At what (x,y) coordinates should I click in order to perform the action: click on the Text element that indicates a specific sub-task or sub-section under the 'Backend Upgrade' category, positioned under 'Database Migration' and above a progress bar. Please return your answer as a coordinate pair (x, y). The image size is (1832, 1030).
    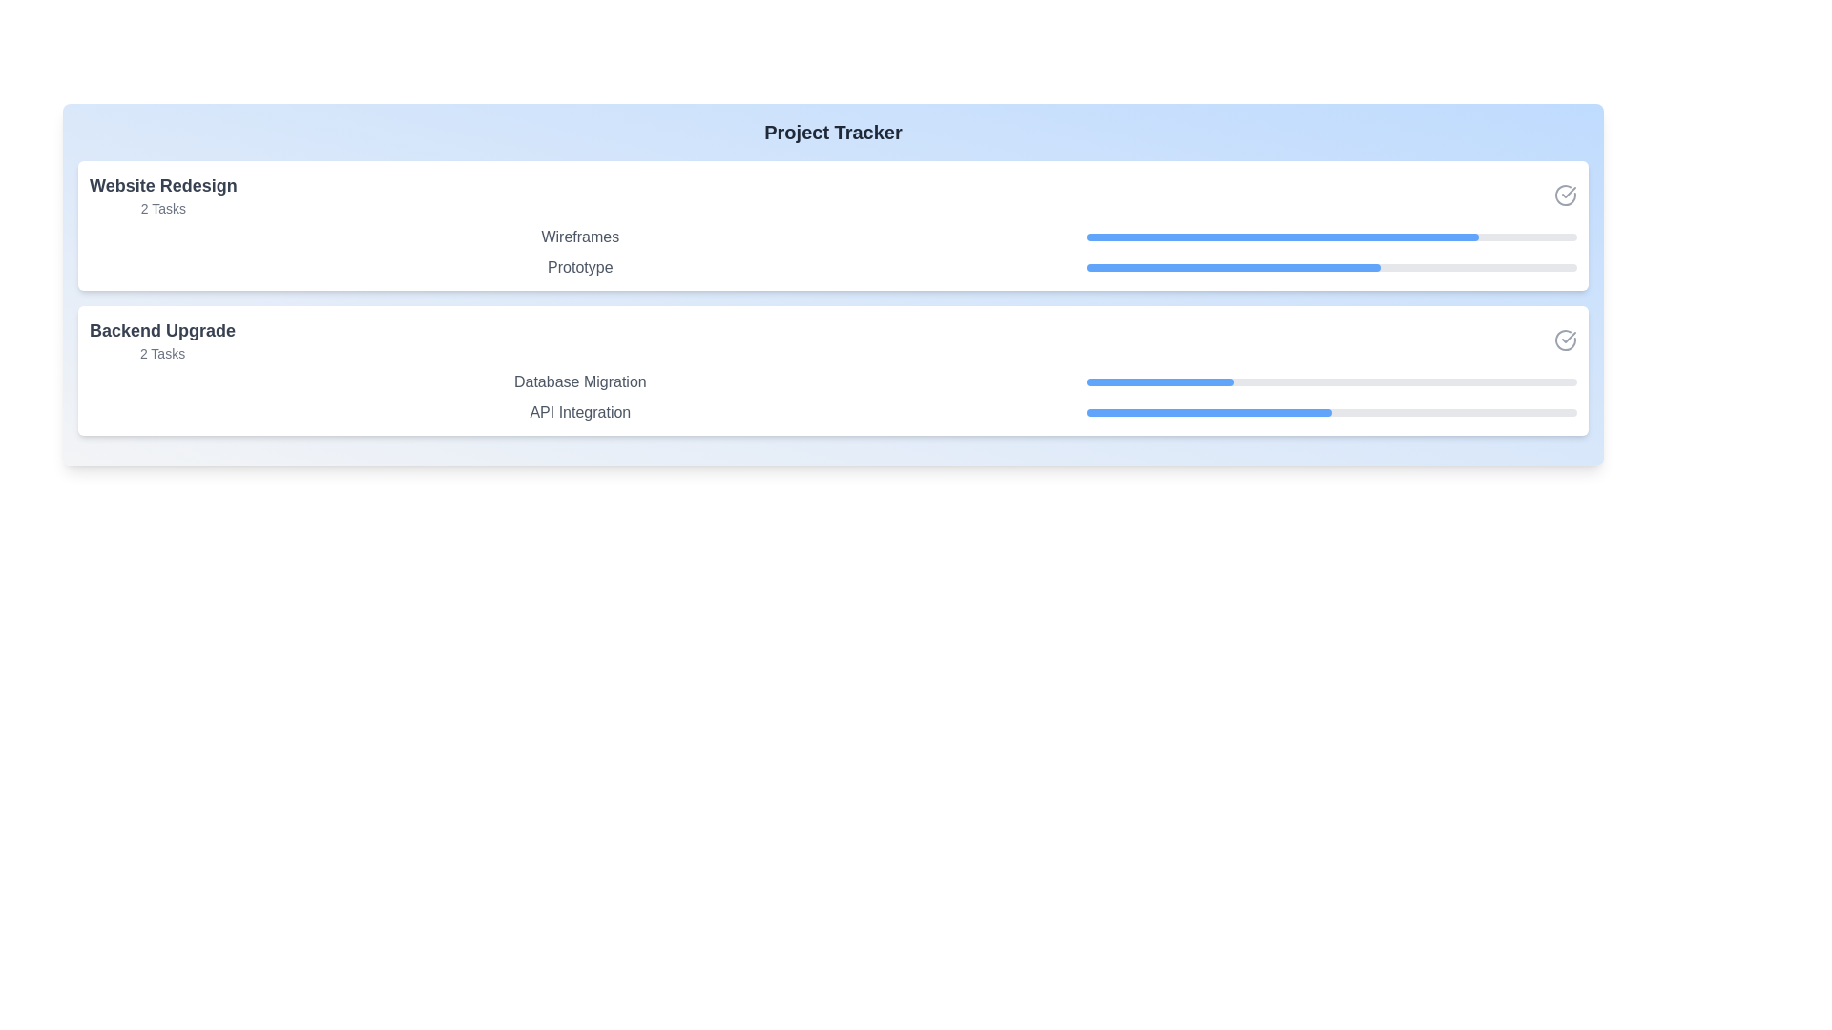
    Looking at the image, I should click on (579, 411).